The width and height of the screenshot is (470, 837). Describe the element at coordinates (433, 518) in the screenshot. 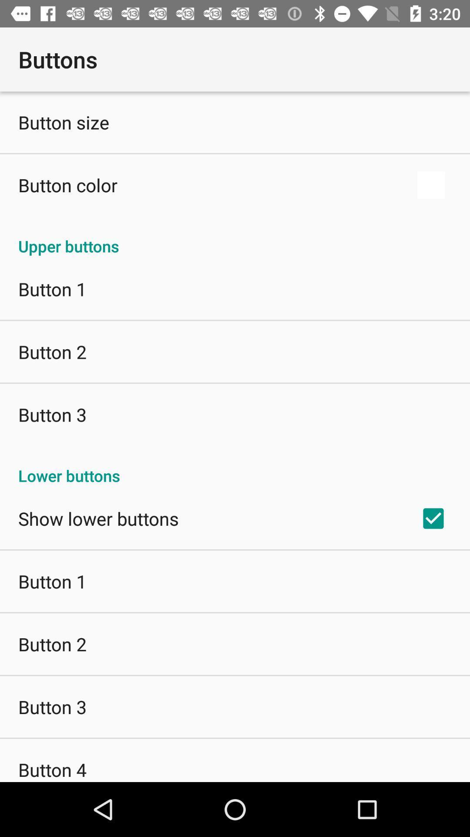

I see `the icon next to the show lower buttons app` at that location.